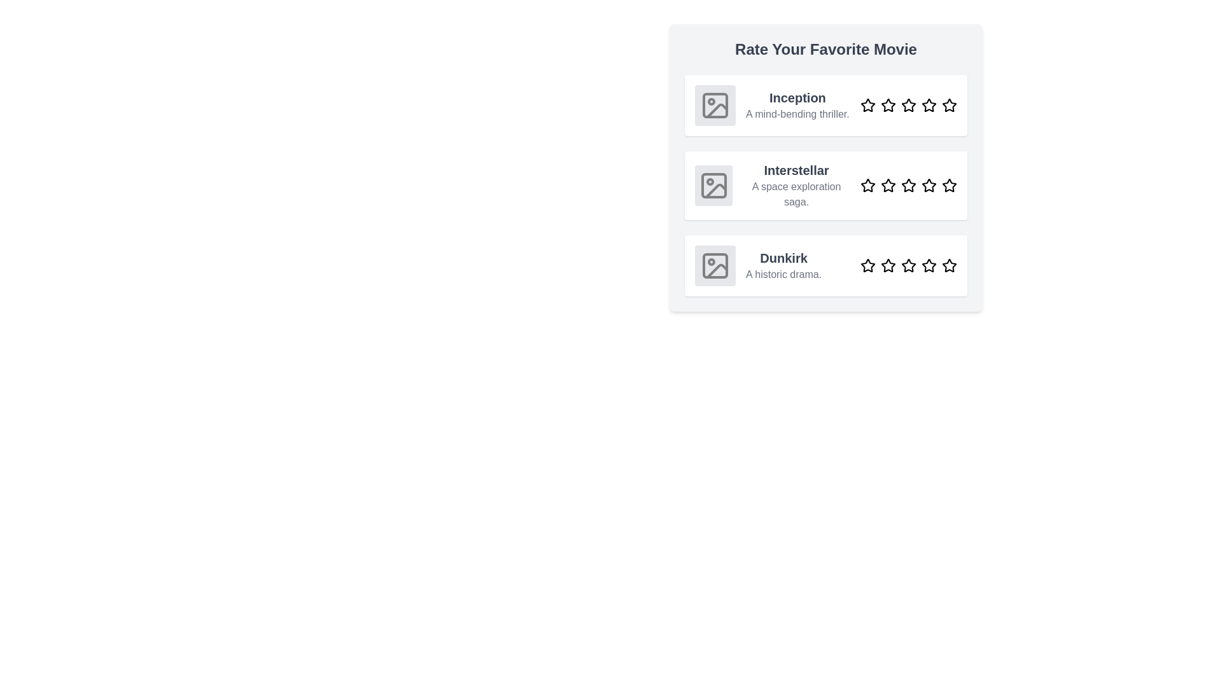 Image resolution: width=1222 pixels, height=687 pixels. Describe the element at coordinates (908, 265) in the screenshot. I see `the third star rating icon for the movie 'Dunkirk'` at that location.